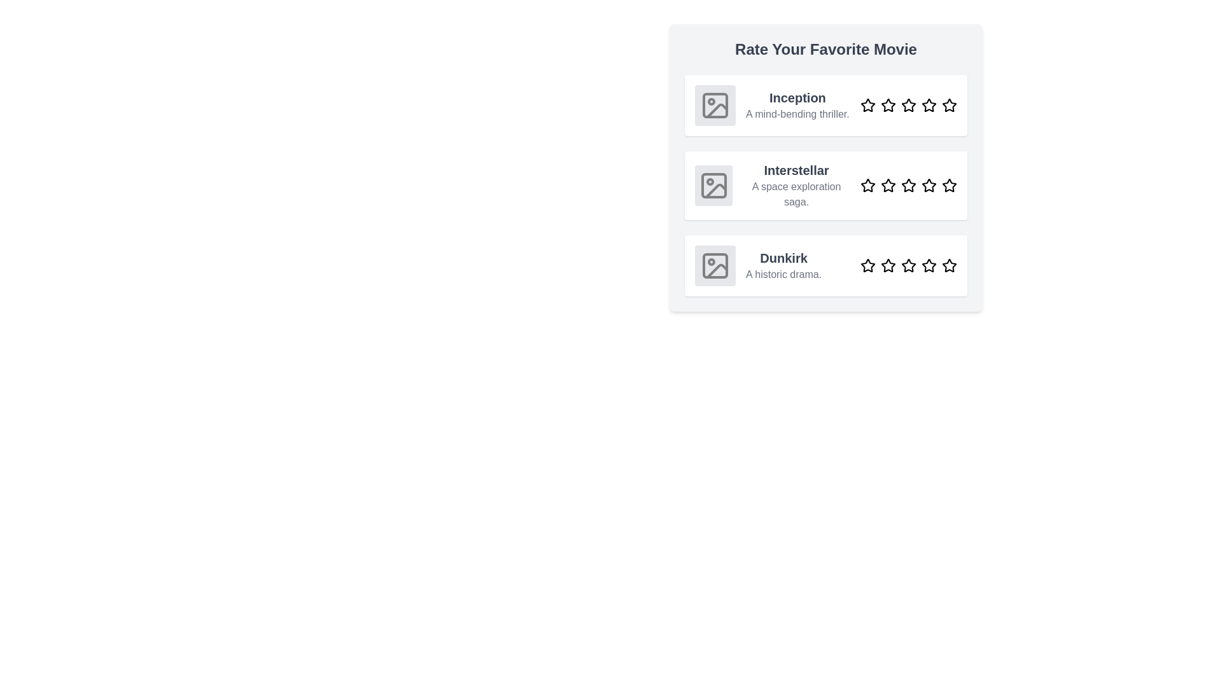 Image resolution: width=1222 pixels, height=687 pixels. Describe the element at coordinates (908, 265) in the screenshot. I see `the third star rating icon for the movie 'Dunkirk'` at that location.